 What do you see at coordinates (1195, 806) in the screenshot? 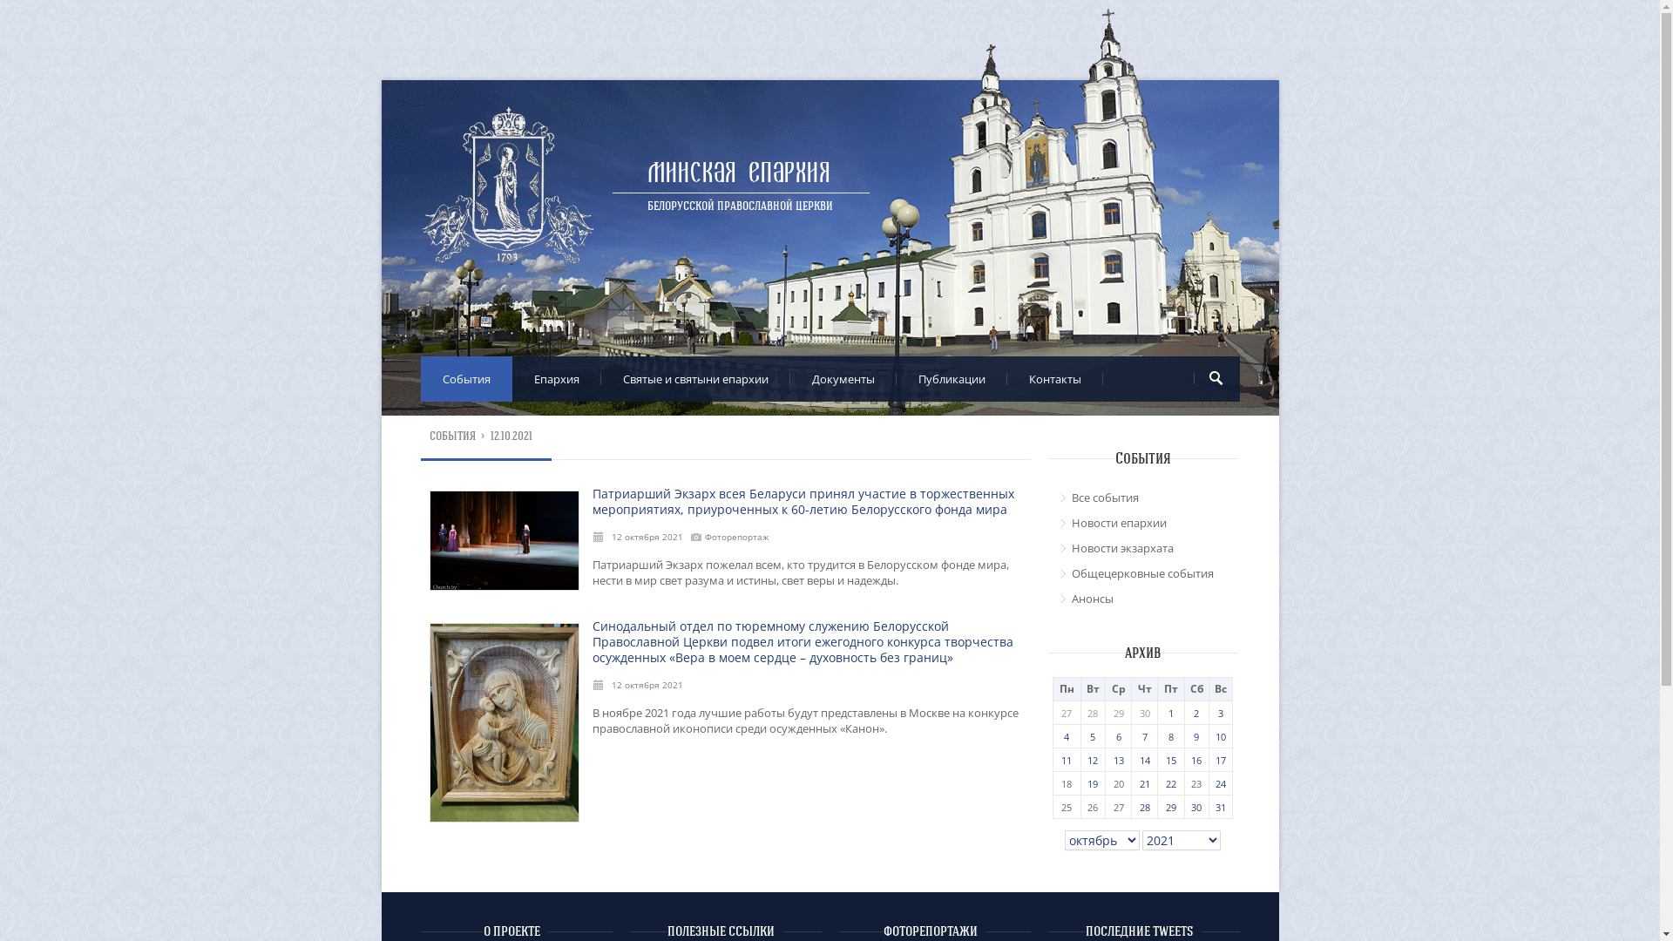
I see `'30'` at bounding box center [1195, 806].